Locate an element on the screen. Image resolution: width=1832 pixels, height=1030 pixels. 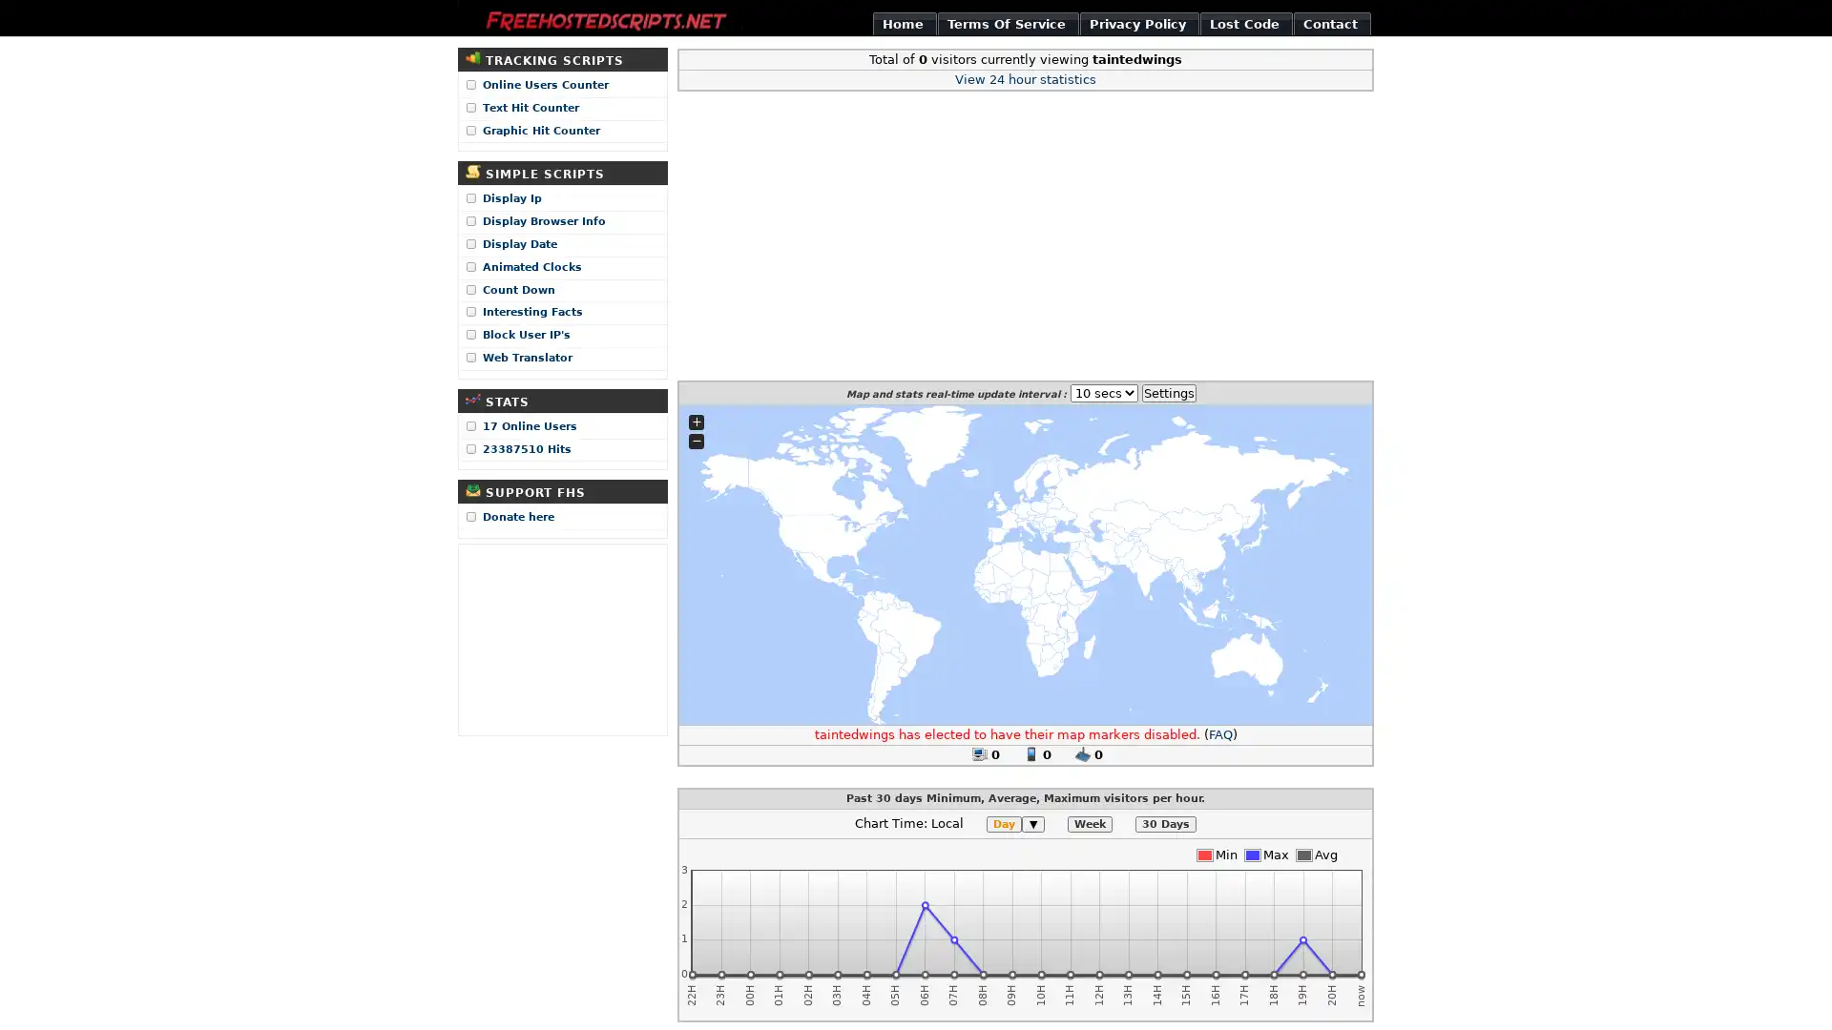
Settings is located at coordinates (1167, 391).